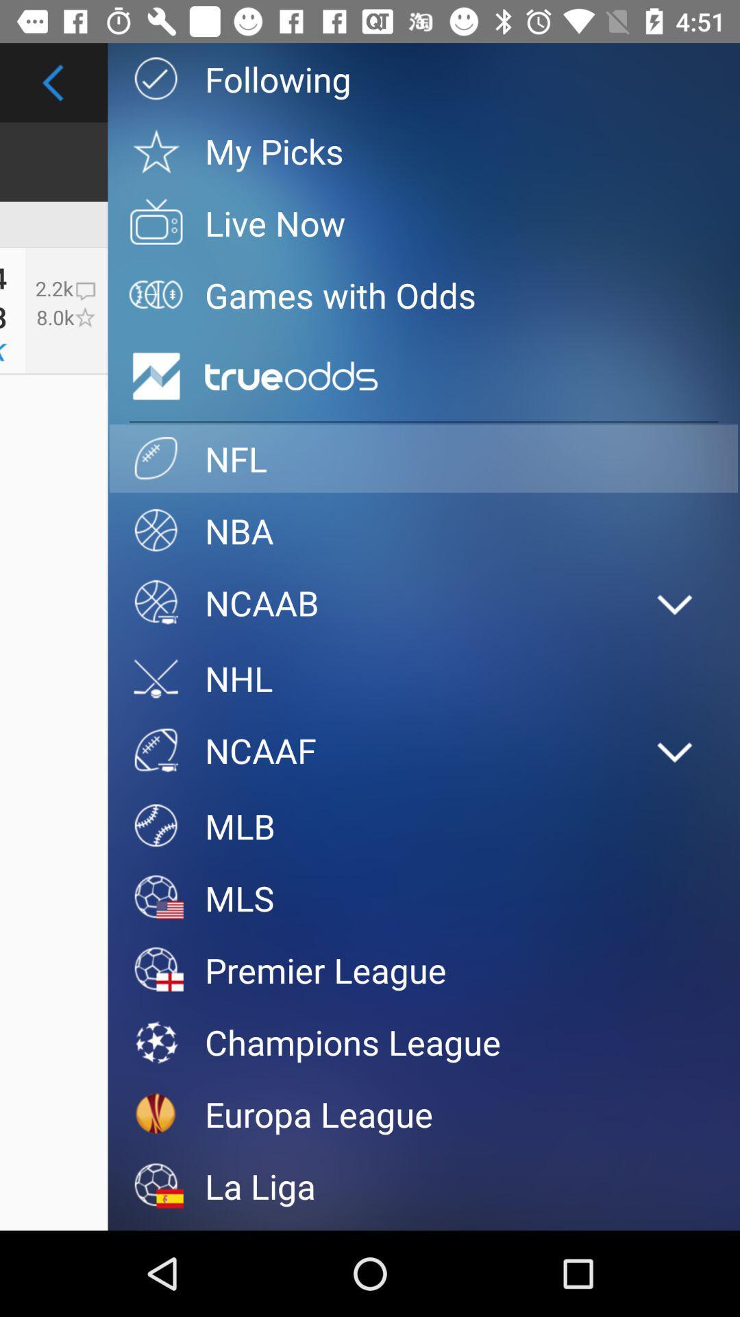 Image resolution: width=740 pixels, height=1317 pixels. Describe the element at coordinates (675, 752) in the screenshot. I see `the 2nd drop down button on the web page` at that location.